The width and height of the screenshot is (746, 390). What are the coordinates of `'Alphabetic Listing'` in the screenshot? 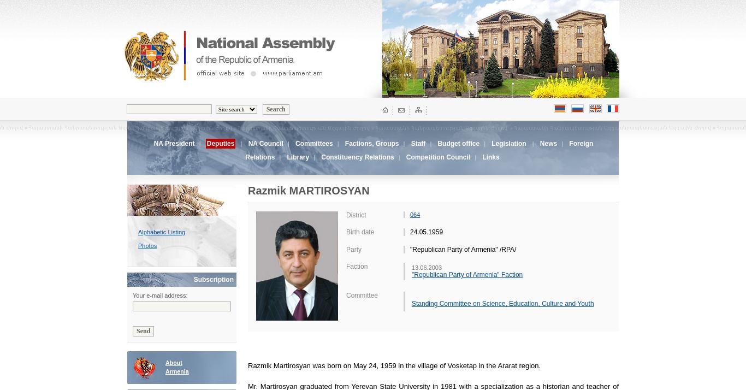 It's located at (162, 232).